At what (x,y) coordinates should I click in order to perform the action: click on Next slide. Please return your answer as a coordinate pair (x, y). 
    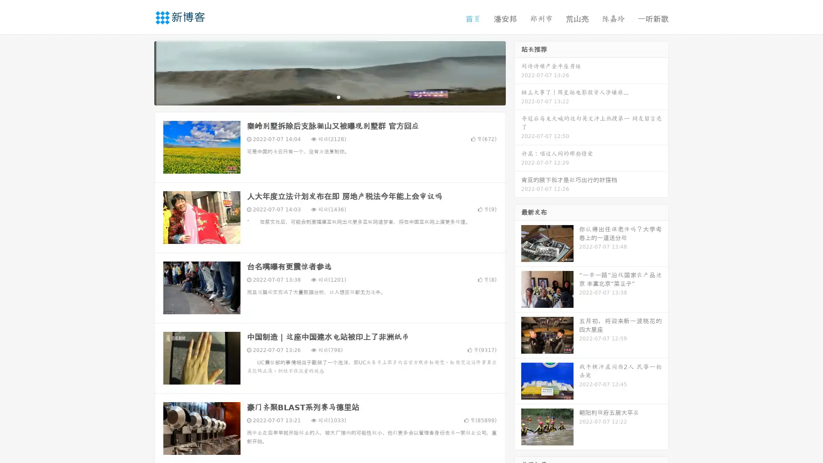
    Looking at the image, I should click on (518, 72).